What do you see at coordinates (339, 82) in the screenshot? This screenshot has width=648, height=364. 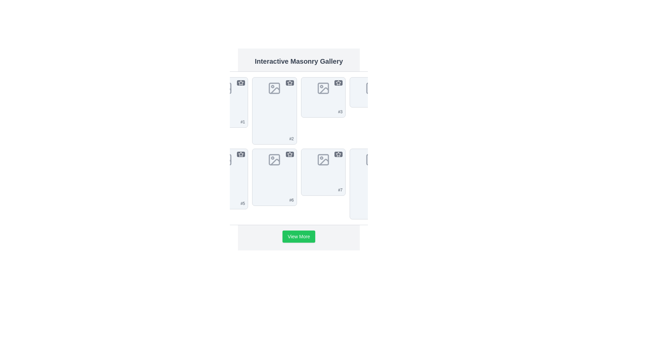 I see `the star-shaped icon located in the top right corner of the third item in a grid layout, which has a distinctive design with five pointed tips and a hollow center` at bounding box center [339, 82].